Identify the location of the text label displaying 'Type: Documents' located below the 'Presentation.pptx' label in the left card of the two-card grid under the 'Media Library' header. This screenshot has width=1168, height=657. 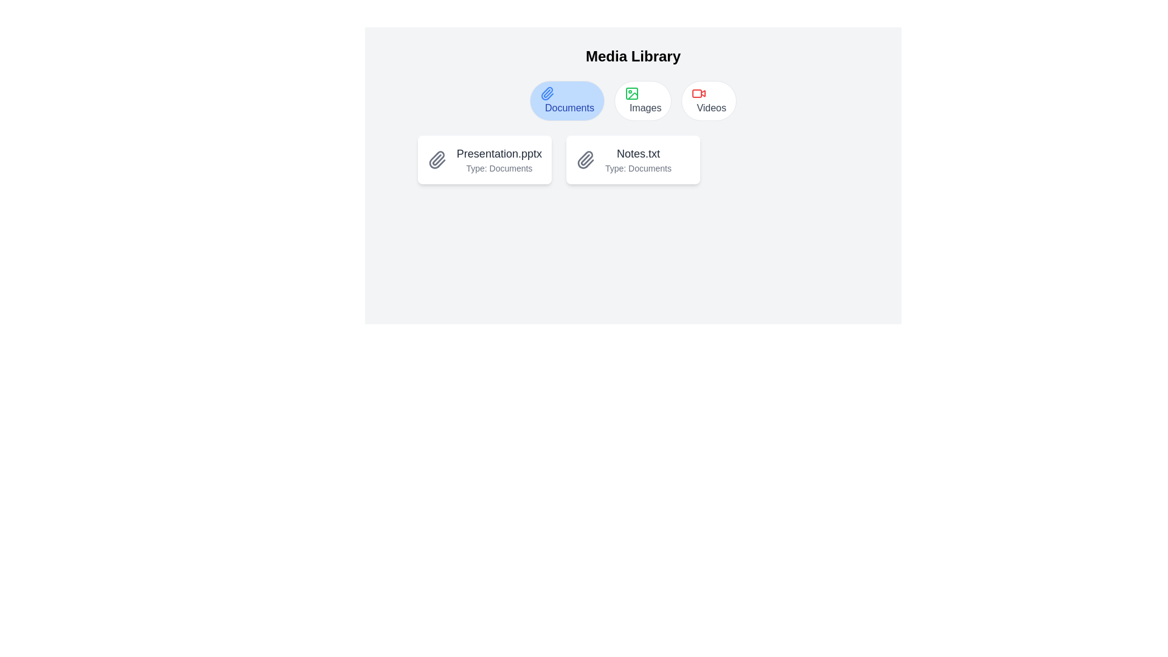
(499, 169).